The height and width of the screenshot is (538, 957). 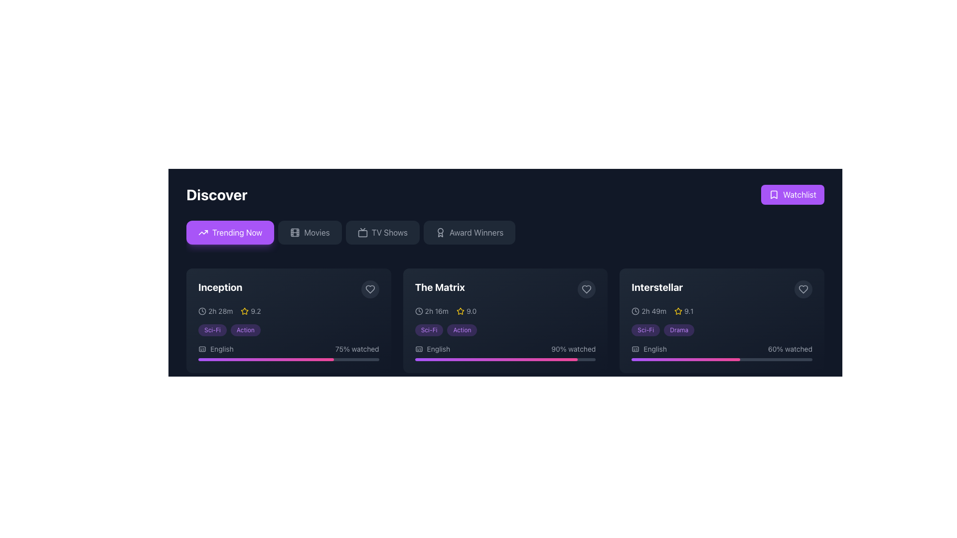 What do you see at coordinates (678, 310) in the screenshot?
I see `the star icon that signifies the rating for the movie 'Interstellar', which is positioned left of the rating text '9.1'` at bounding box center [678, 310].